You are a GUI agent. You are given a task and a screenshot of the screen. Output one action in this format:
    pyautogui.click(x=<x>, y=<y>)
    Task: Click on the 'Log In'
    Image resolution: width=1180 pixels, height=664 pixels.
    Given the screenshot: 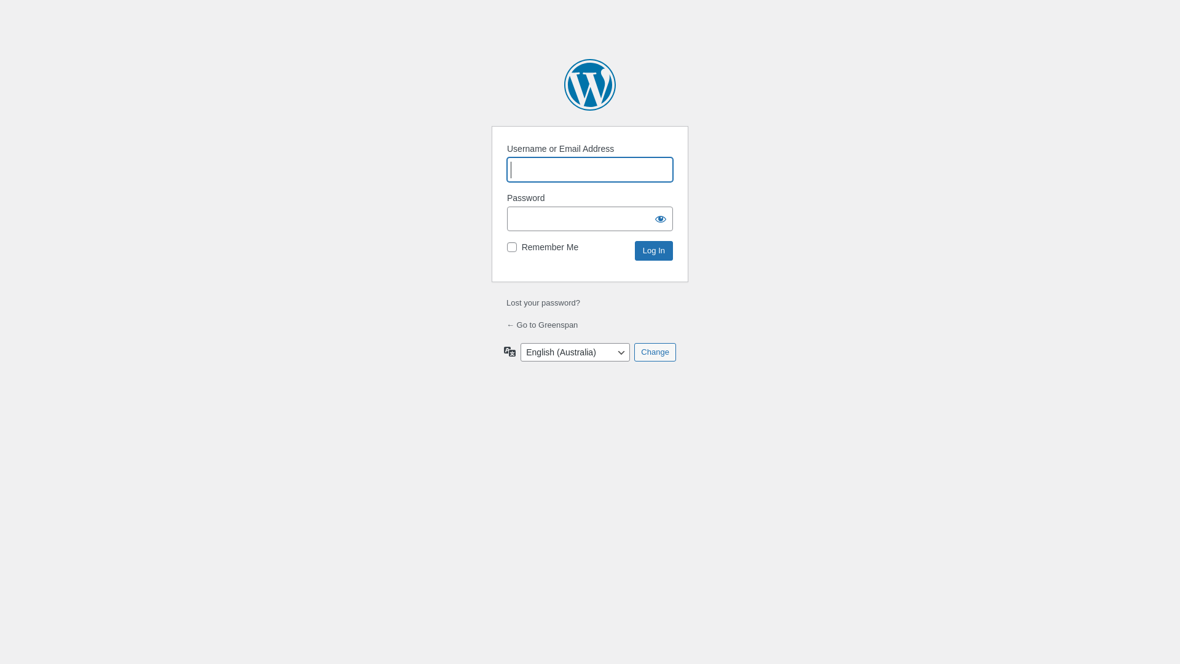 What is the action you would take?
    pyautogui.click(x=653, y=250)
    